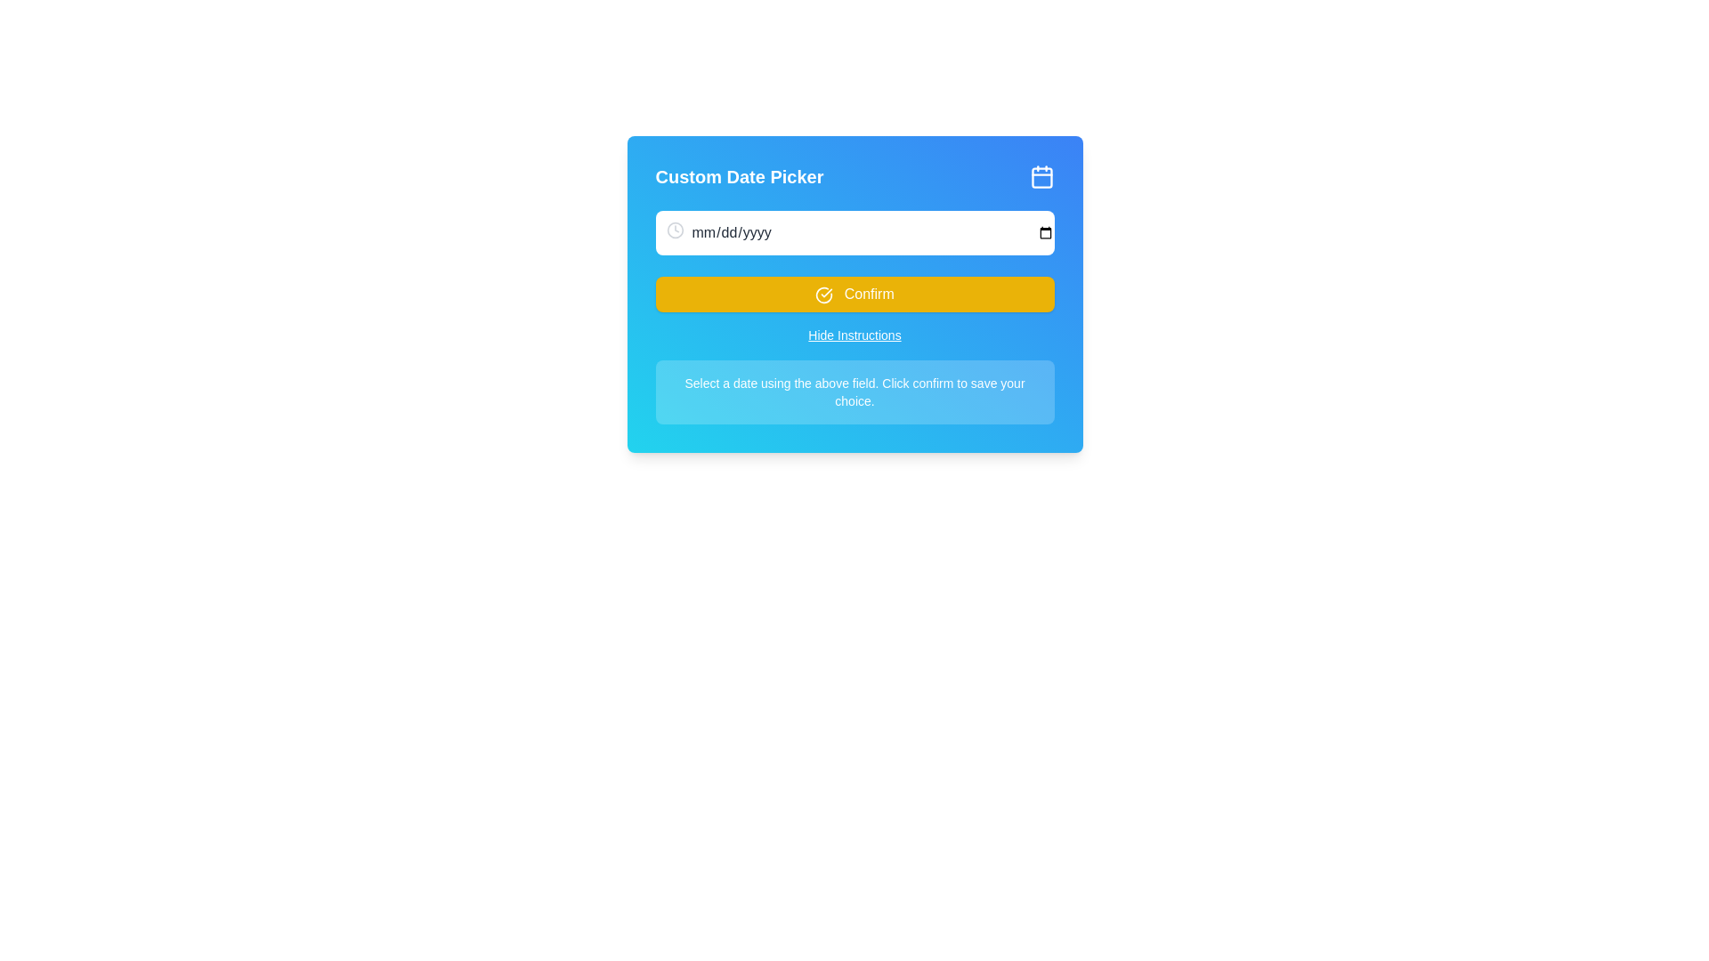 The image size is (1709, 961). I want to click on the calendar icon displayed in white on a blue background, located in the top-right corner of the 'Custom Date Picker' card, so click(1041, 177).